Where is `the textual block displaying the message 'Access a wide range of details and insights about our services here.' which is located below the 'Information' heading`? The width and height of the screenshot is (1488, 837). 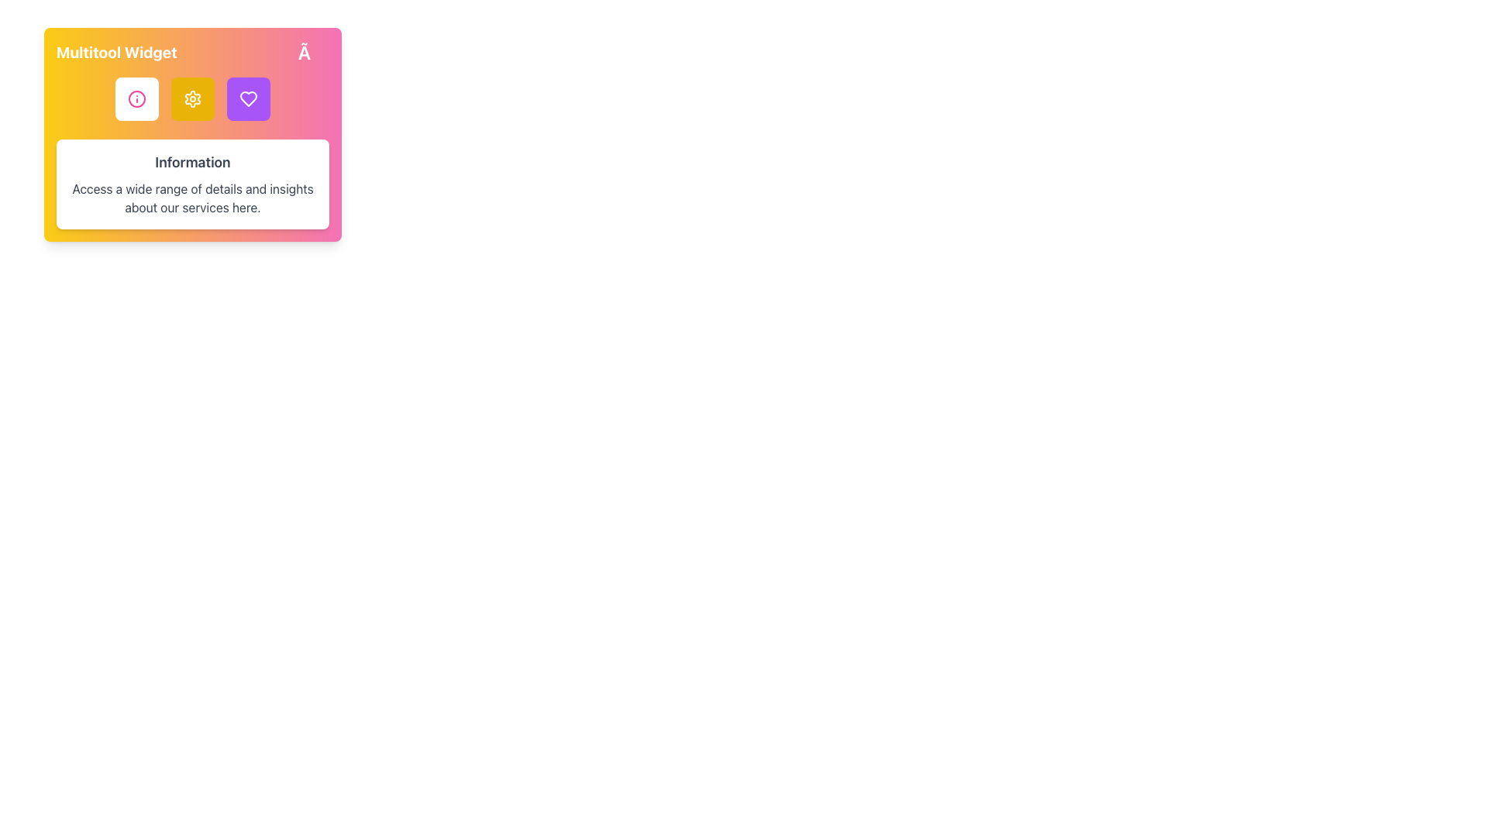 the textual block displaying the message 'Access a wide range of details and insights about our services here.' which is located below the 'Information' heading is located at coordinates (192, 197).